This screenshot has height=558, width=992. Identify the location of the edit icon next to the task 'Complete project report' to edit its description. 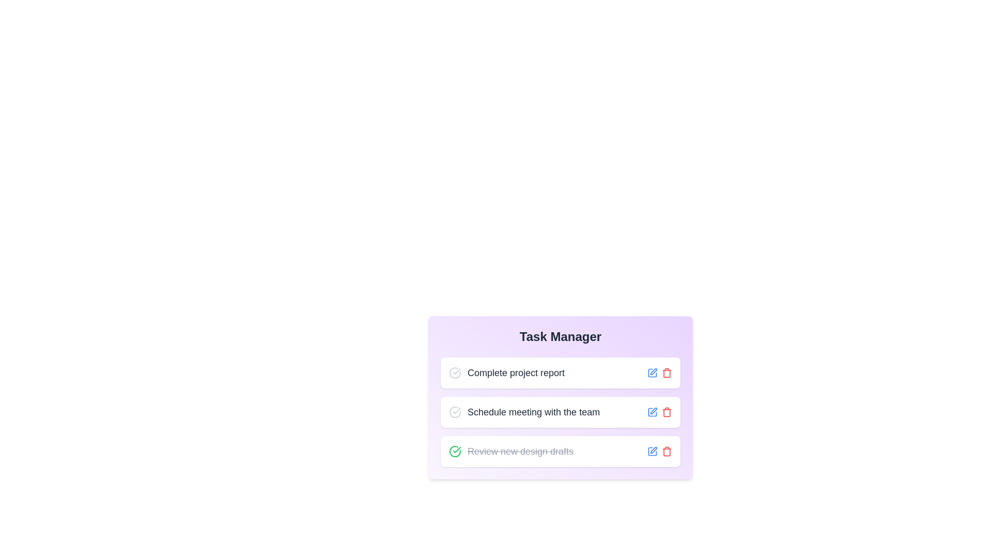
(652, 373).